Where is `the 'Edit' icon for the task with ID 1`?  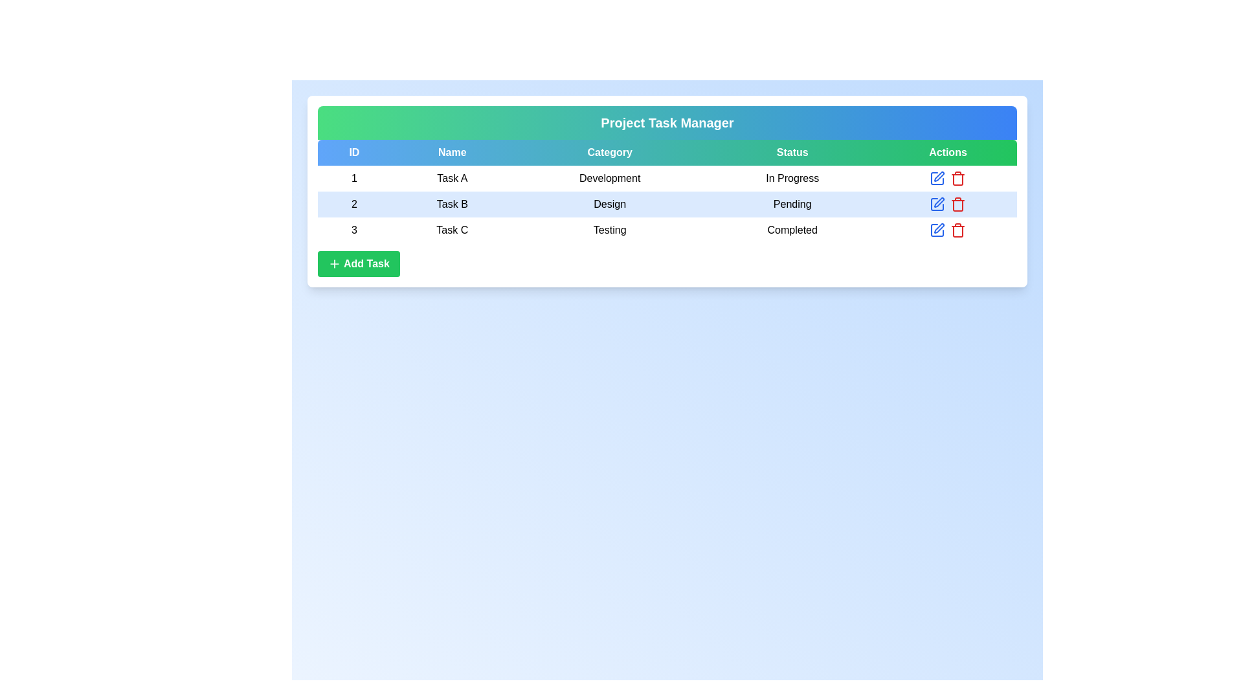
the 'Edit' icon for the task with ID 1 is located at coordinates (937, 179).